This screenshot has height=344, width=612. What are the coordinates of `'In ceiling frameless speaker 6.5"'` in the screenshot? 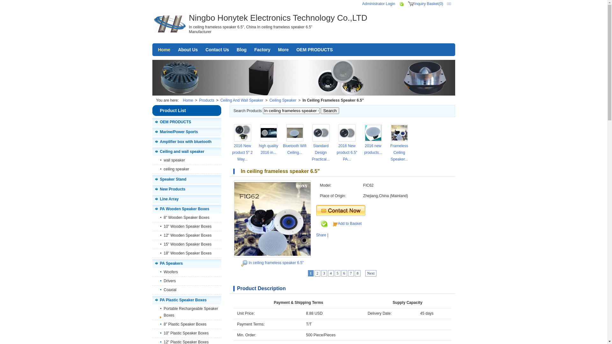 It's located at (272, 218).